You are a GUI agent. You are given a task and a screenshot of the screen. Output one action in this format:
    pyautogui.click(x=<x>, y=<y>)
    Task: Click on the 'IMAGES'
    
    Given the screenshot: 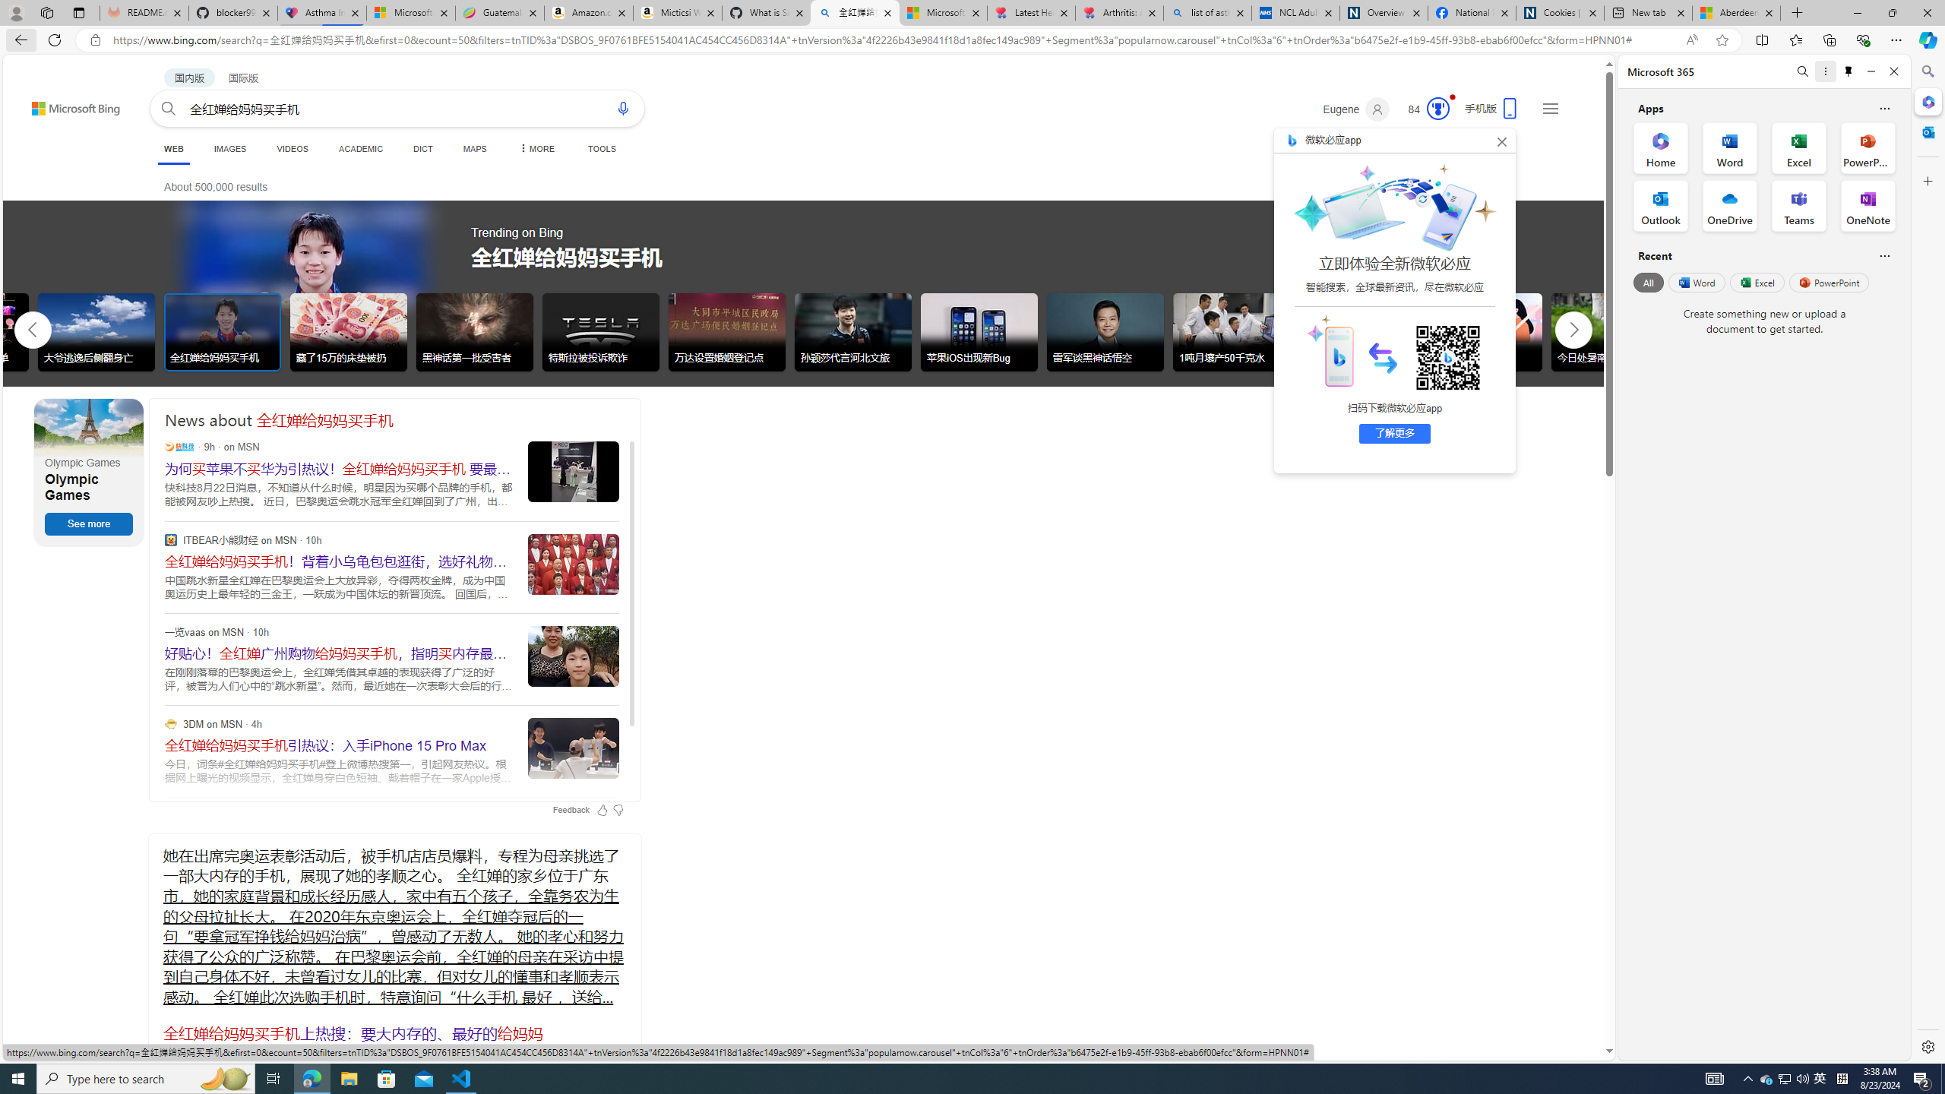 What is the action you would take?
    pyautogui.click(x=229, y=148)
    